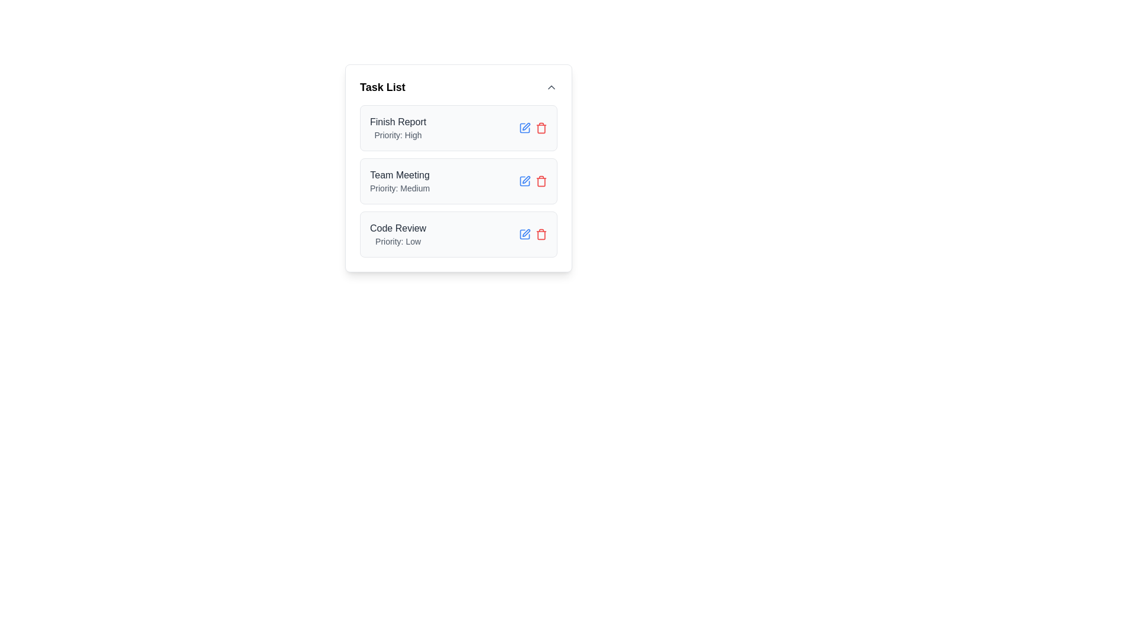  Describe the element at coordinates (524, 128) in the screenshot. I see `the edit button located on the right side of the topmost 'Finish Report' item in the task list to modify the associated task` at that location.